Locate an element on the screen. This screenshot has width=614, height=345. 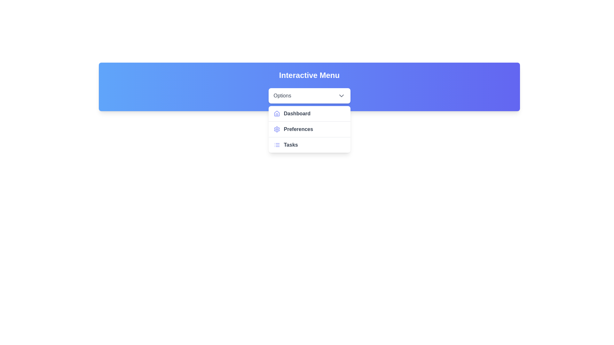
the 'Tasks' text label within the dropdown menu that is positioned below the 'Preferences' menu item is located at coordinates (290, 145).